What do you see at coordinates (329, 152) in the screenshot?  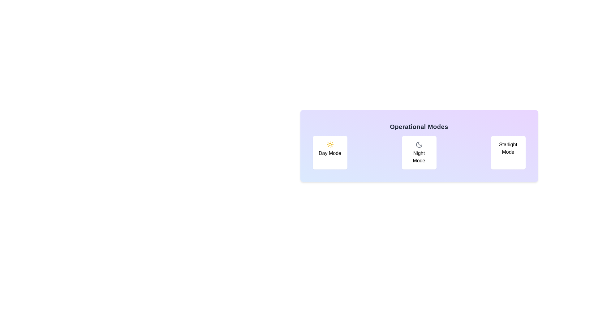 I see `the button labeled Day Mode to observe the hover effect` at bounding box center [329, 152].